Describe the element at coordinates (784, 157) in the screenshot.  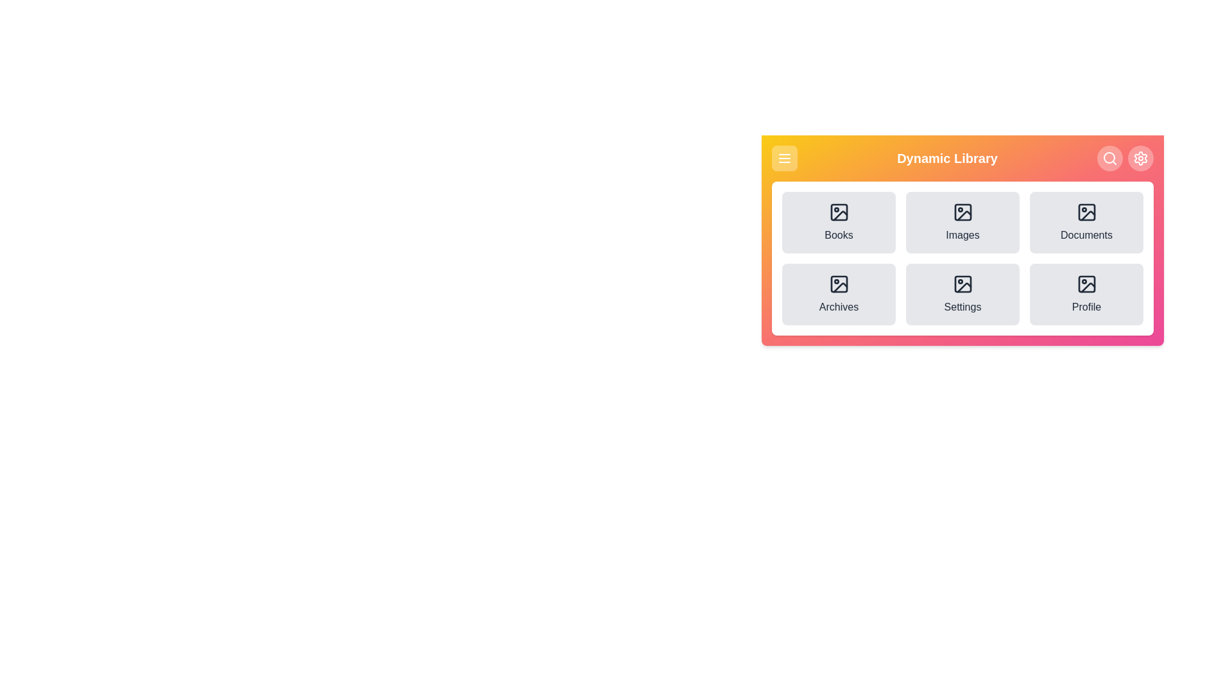
I see `menu toggle button to change the visibility of the main menu` at that location.